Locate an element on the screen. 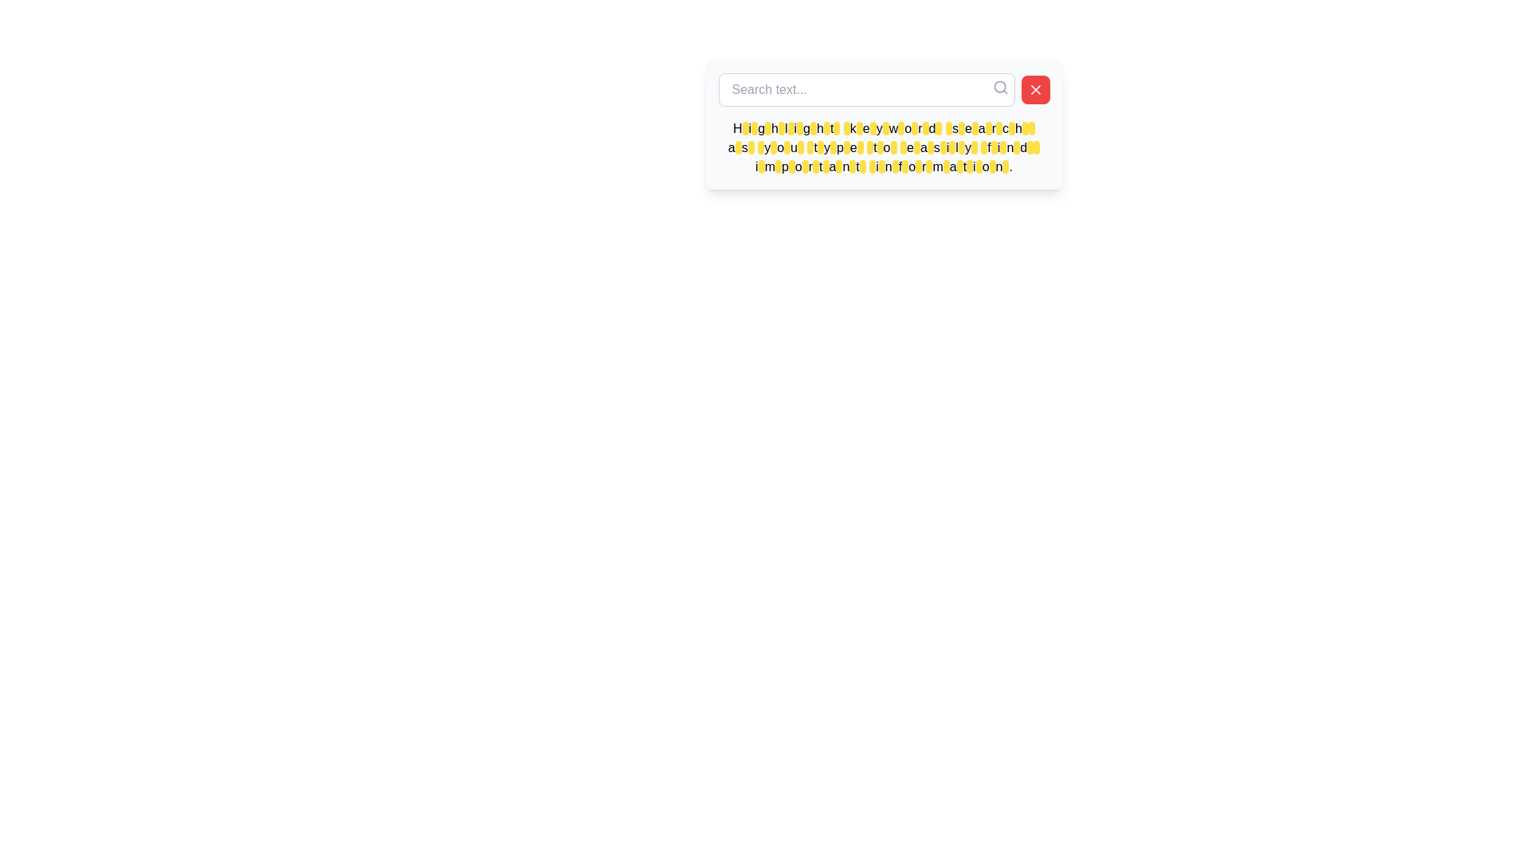  the Decorative Highlight, which is located at the center of the bottom row of highlighted segments in a tooltip displaying highlighted keywords is located at coordinates (820, 147).